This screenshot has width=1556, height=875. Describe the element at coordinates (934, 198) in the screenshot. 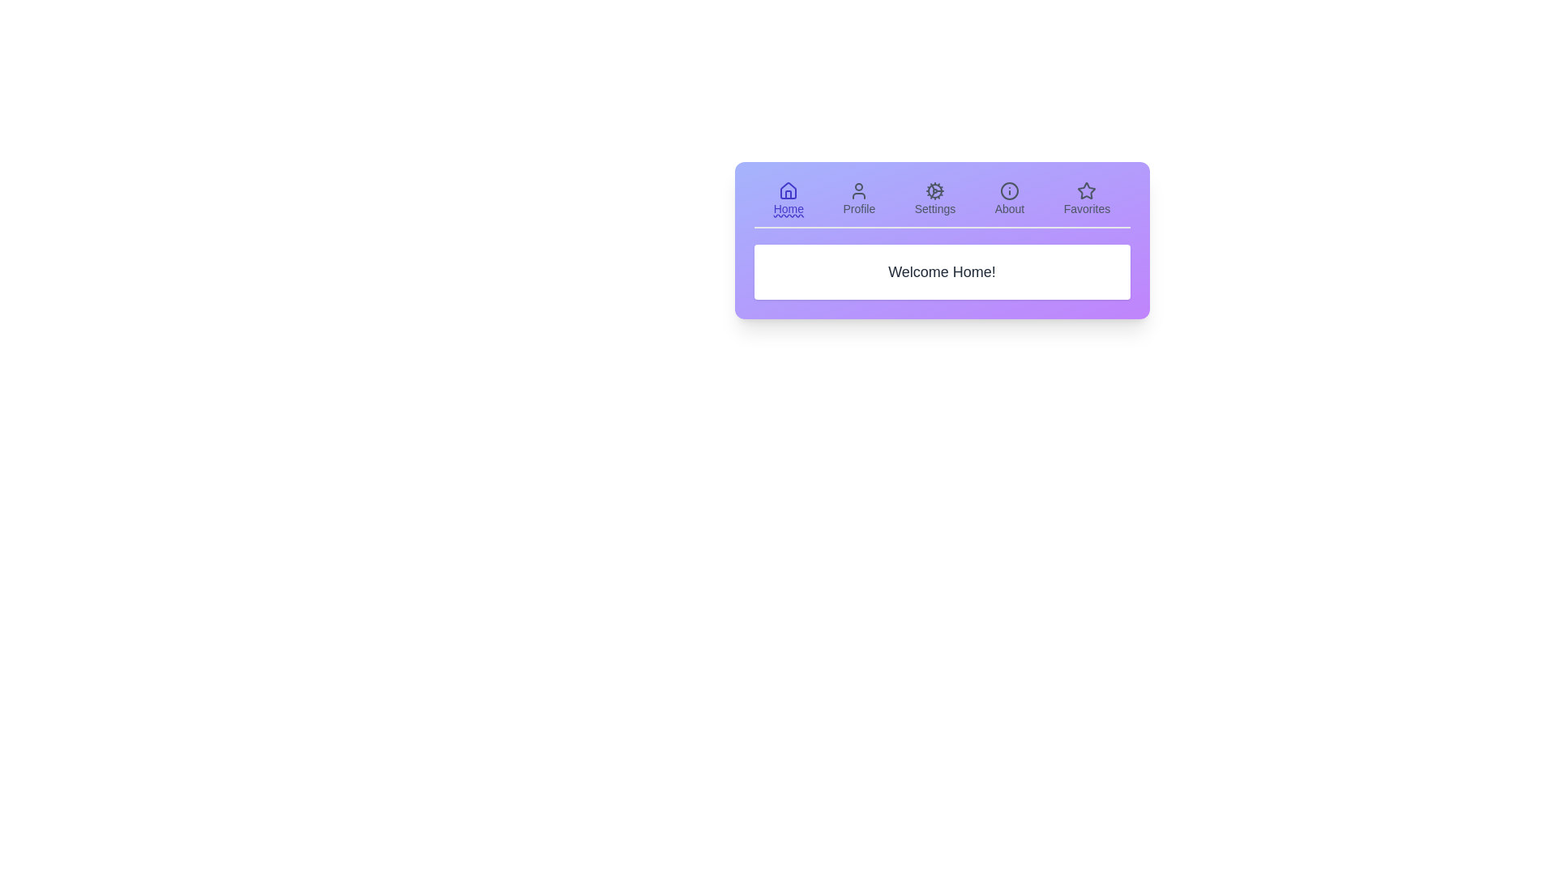

I see `the icon corresponding to the Settings tab` at that location.